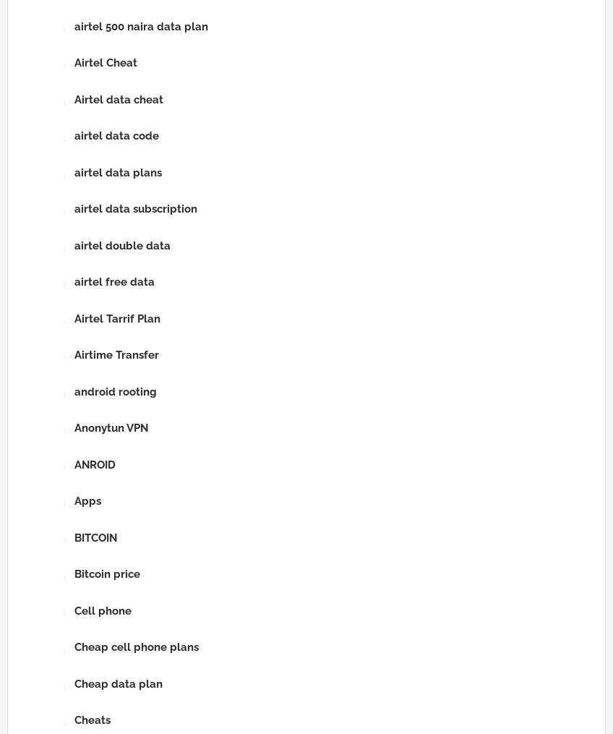 The width and height of the screenshot is (613, 734). What do you see at coordinates (119, 99) in the screenshot?
I see `'Airtel data cheat'` at bounding box center [119, 99].